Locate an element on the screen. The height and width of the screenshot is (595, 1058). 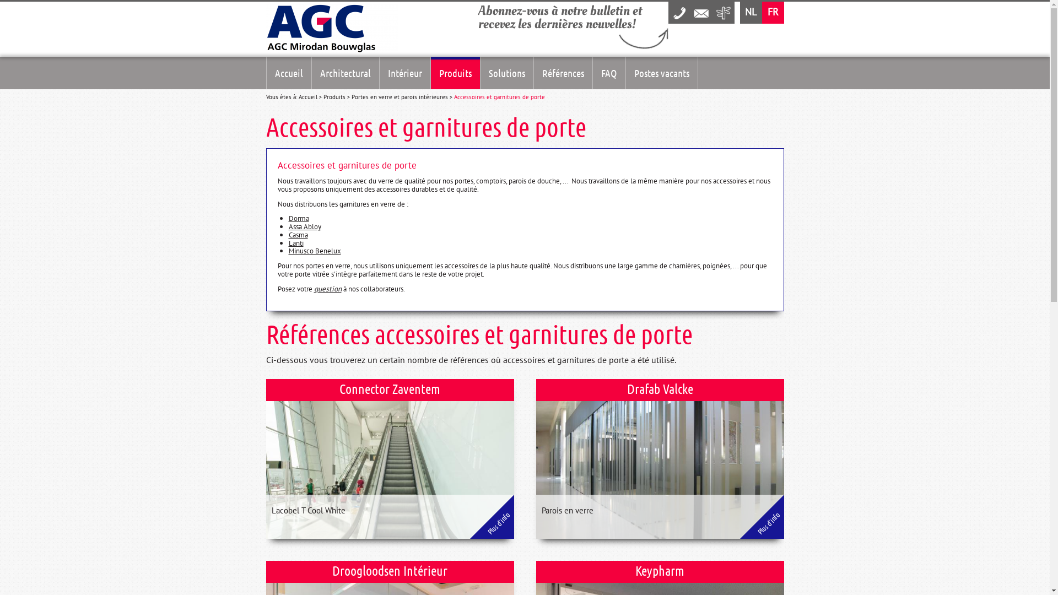
'Venez!' is located at coordinates (711, 13).